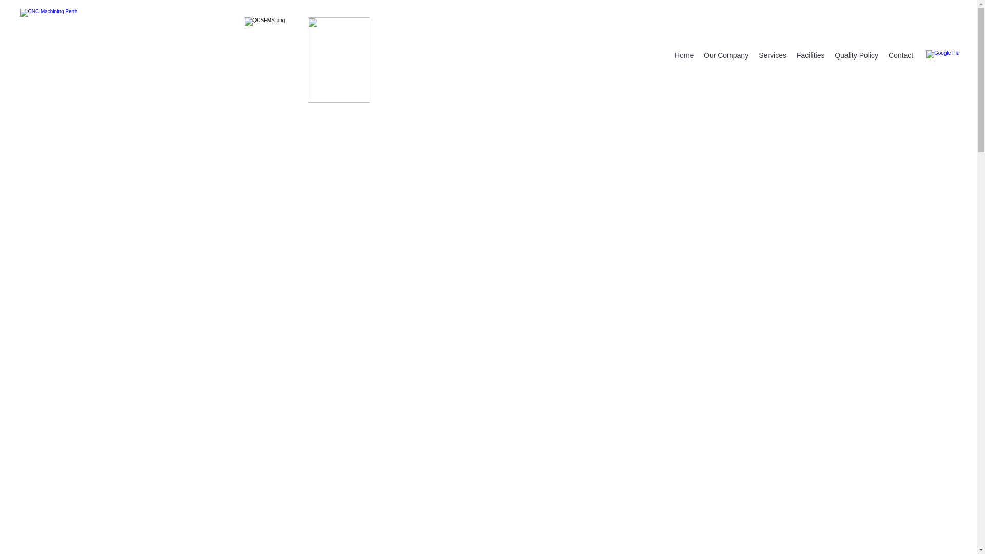  What do you see at coordinates (856, 55) in the screenshot?
I see `'Quality Policy'` at bounding box center [856, 55].